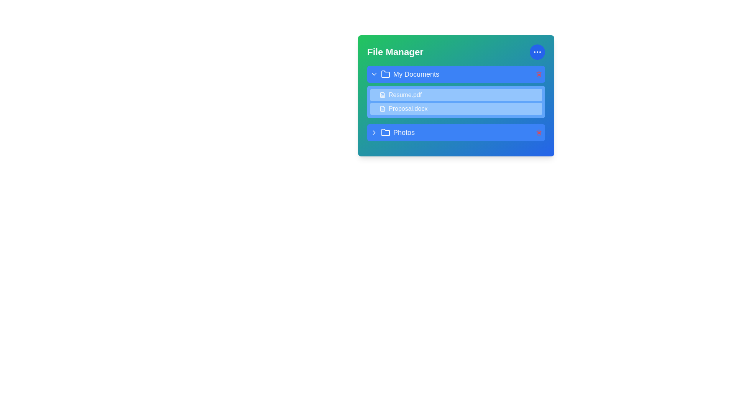 This screenshot has width=736, height=414. What do you see at coordinates (383, 109) in the screenshot?
I see `the document icon representing 'Proposal.docx' in the 'My Documents' section, which is a small icon depicting a file with a header and text lines, located near the left margin` at bounding box center [383, 109].